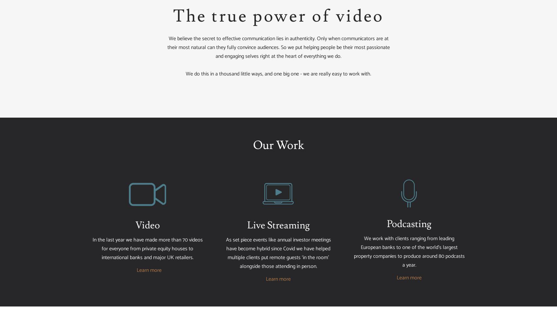 The width and height of the screenshot is (557, 314). Describe the element at coordinates (409, 223) in the screenshot. I see `'Podcasting'` at that location.